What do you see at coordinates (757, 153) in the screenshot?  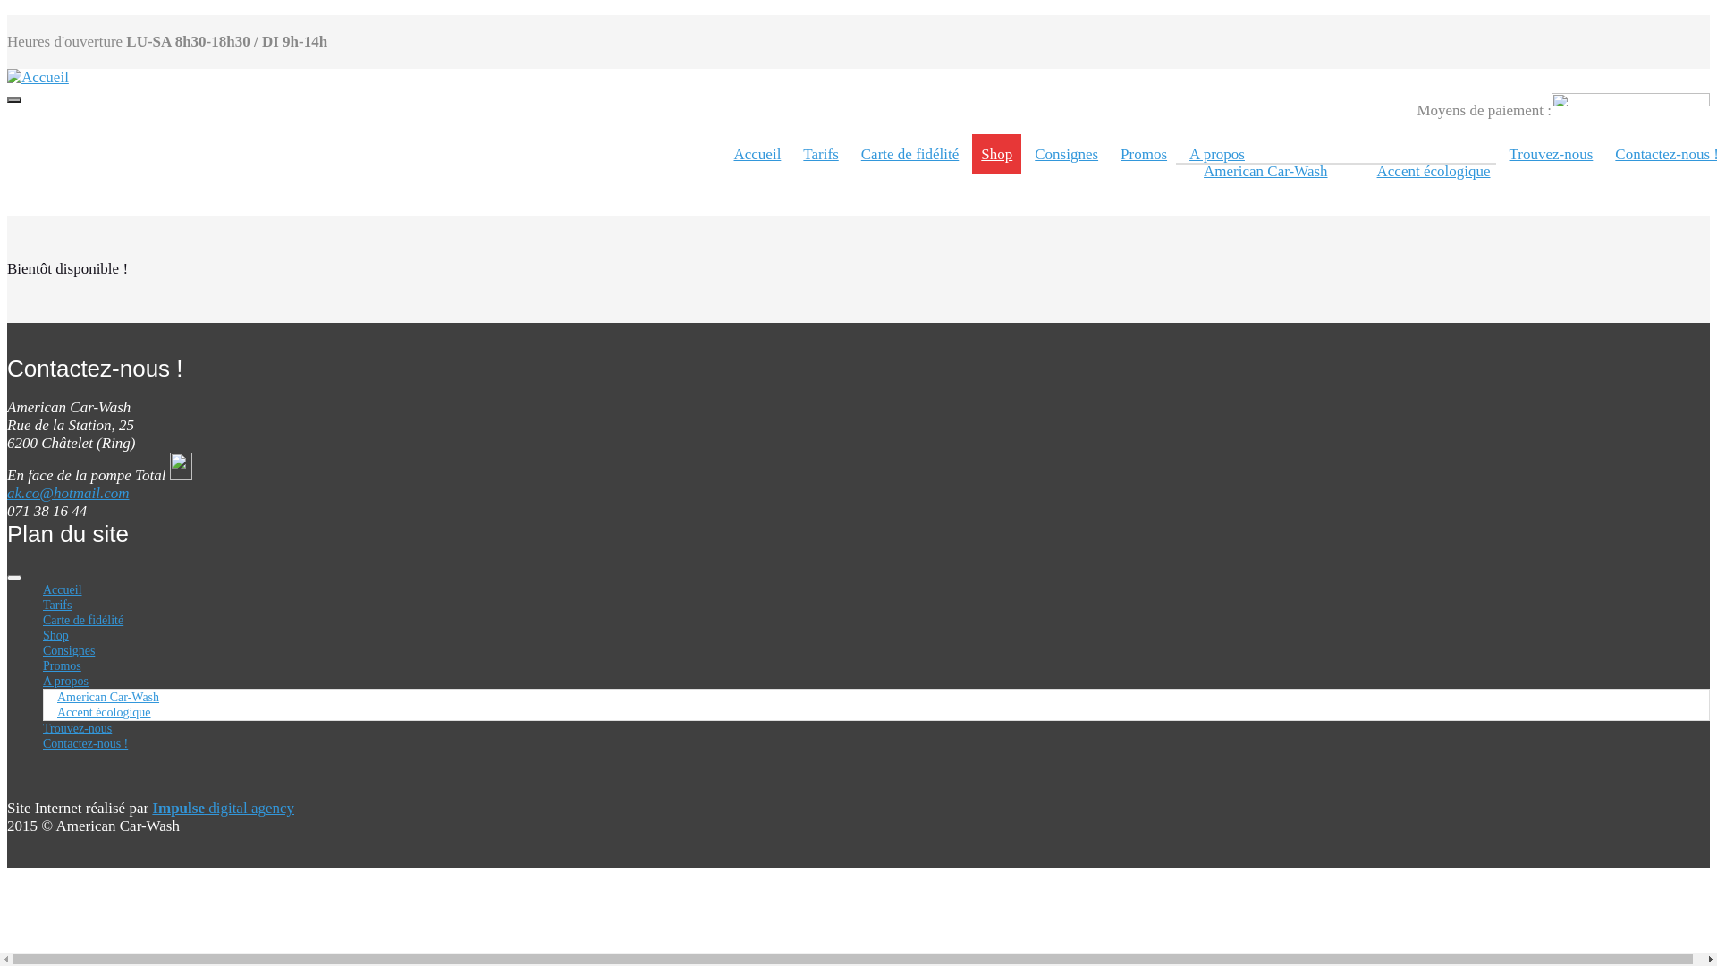 I see `'Accueil'` at bounding box center [757, 153].